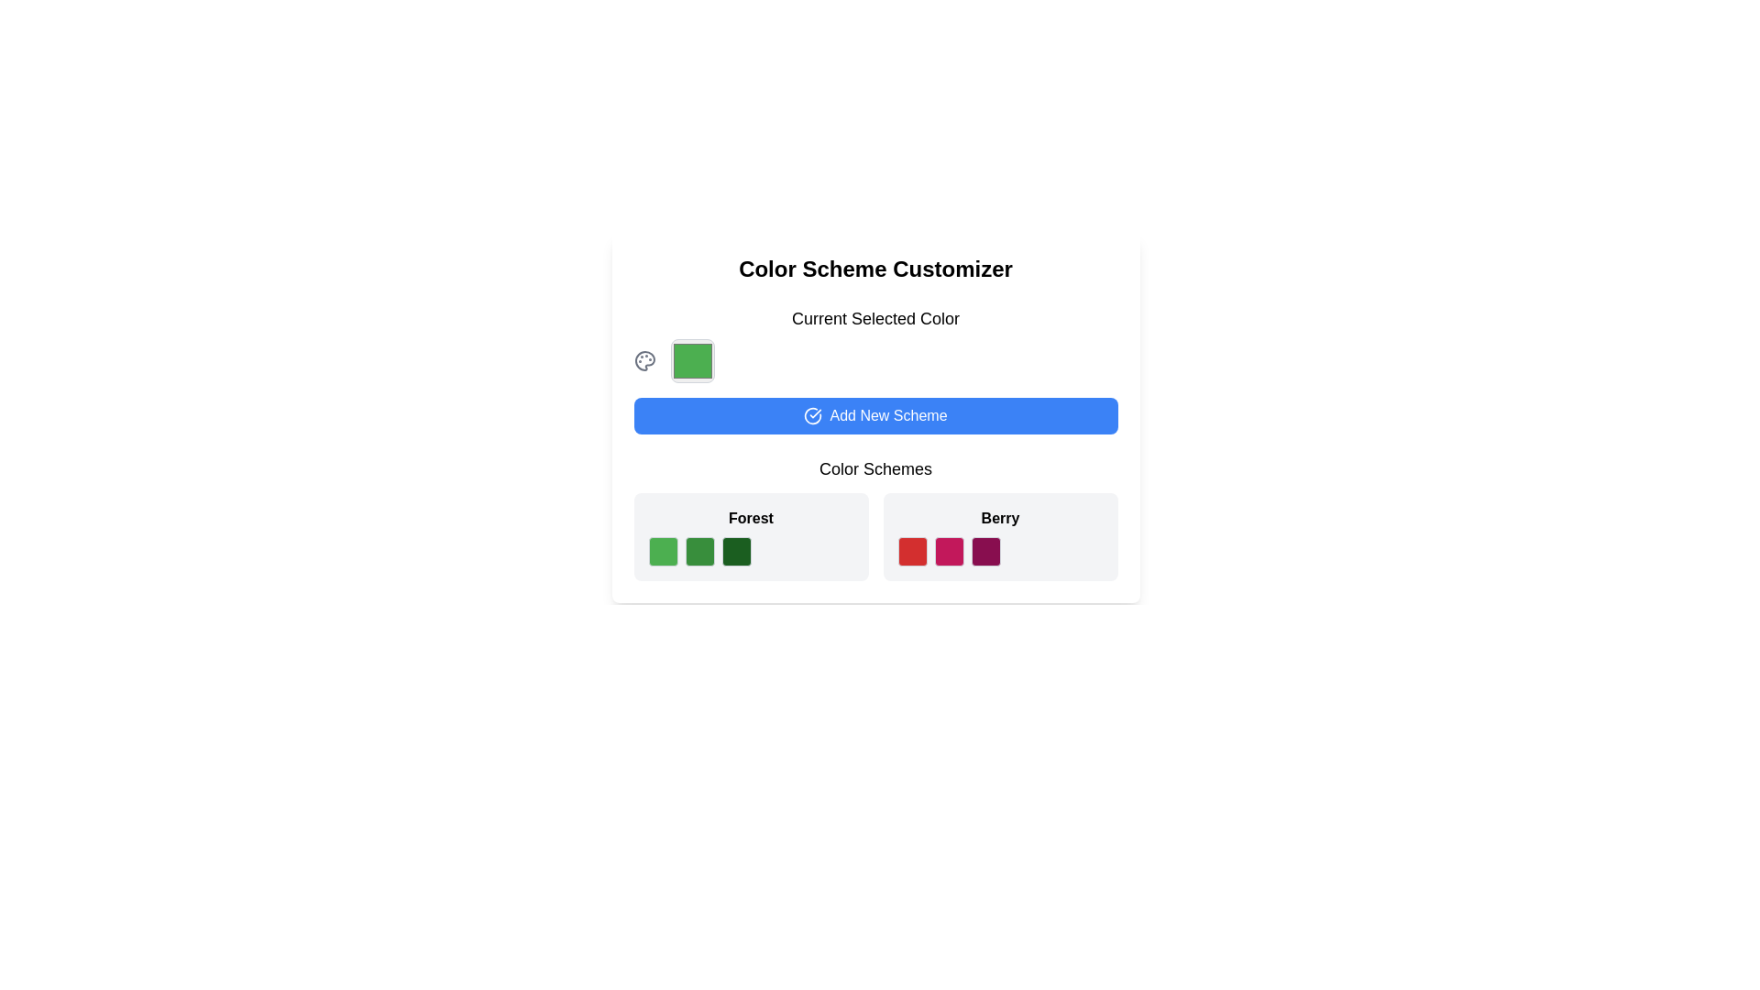 This screenshot has width=1760, height=990. Describe the element at coordinates (698, 550) in the screenshot. I see `the second green color selection block representing the 'Forest' color scheme` at that location.